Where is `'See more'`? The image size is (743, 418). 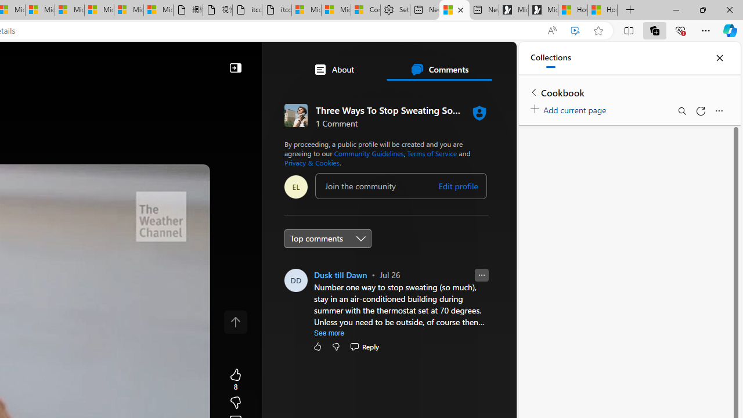 'See more' is located at coordinates (329, 333).